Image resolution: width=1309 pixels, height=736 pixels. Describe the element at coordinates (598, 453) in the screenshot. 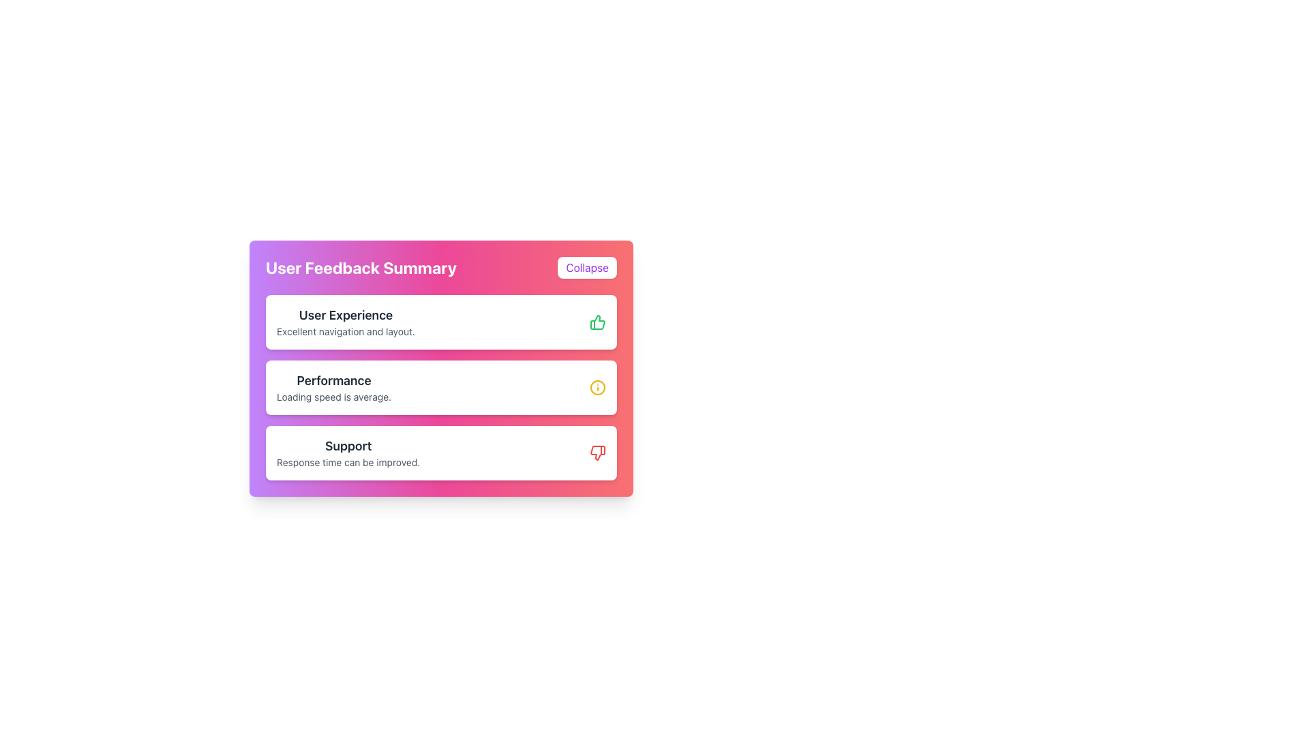

I see `the Thumbs-down icon located at the far right of the third row in the feedback list associated with the 'Support' category` at that location.